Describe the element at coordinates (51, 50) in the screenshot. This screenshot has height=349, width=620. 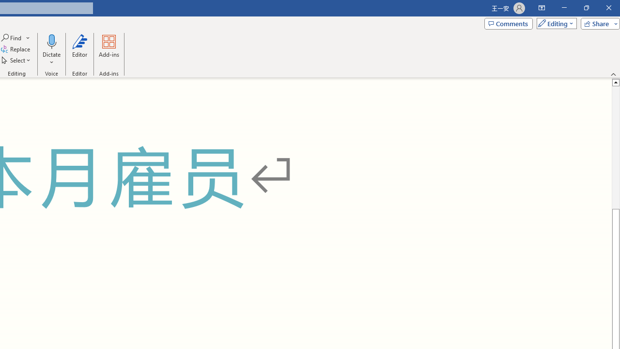
I see `'Dictate'` at that location.